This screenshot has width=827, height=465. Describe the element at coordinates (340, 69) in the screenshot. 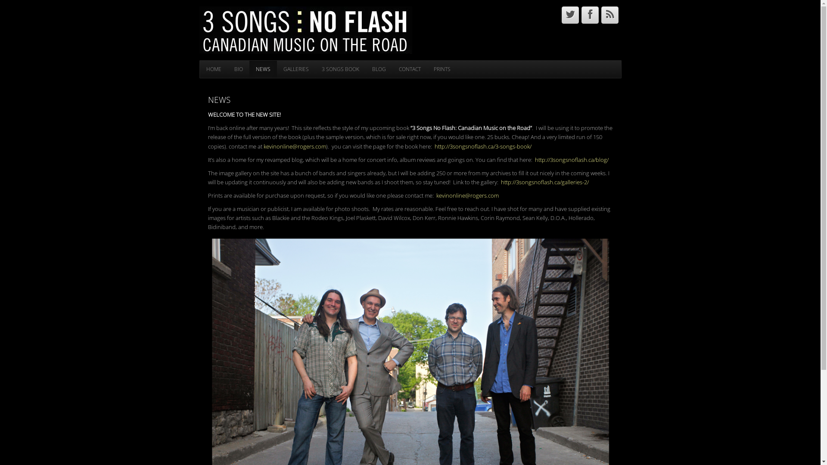

I see `'3 SONGS BOOK'` at that location.